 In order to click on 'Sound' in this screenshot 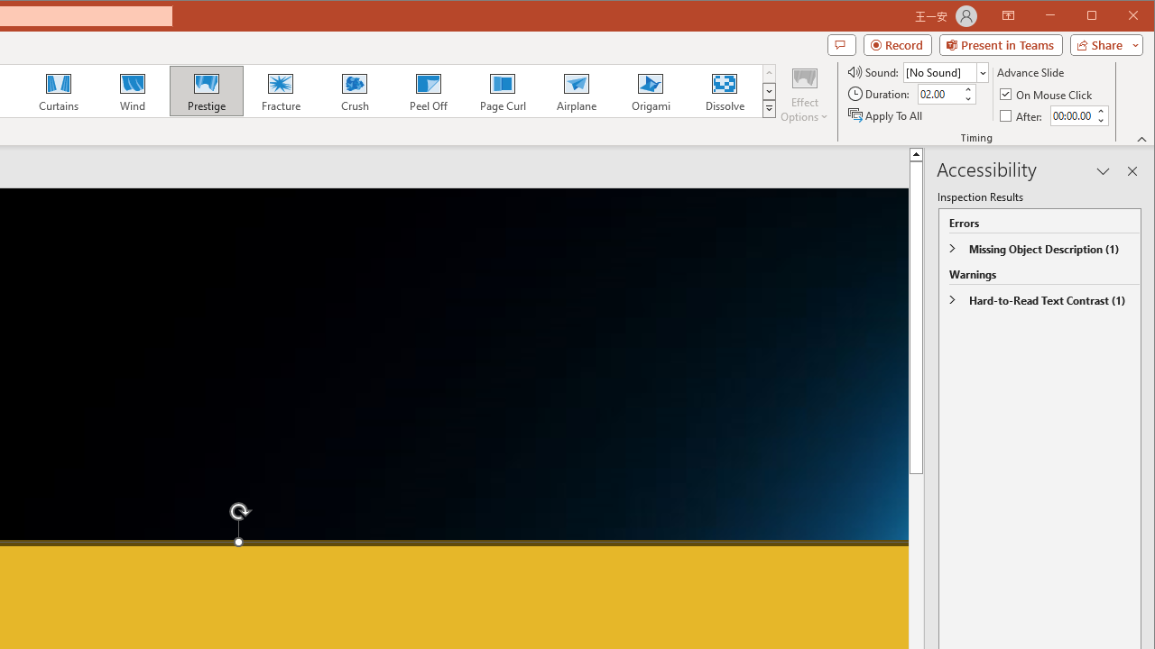, I will do `click(945, 71)`.